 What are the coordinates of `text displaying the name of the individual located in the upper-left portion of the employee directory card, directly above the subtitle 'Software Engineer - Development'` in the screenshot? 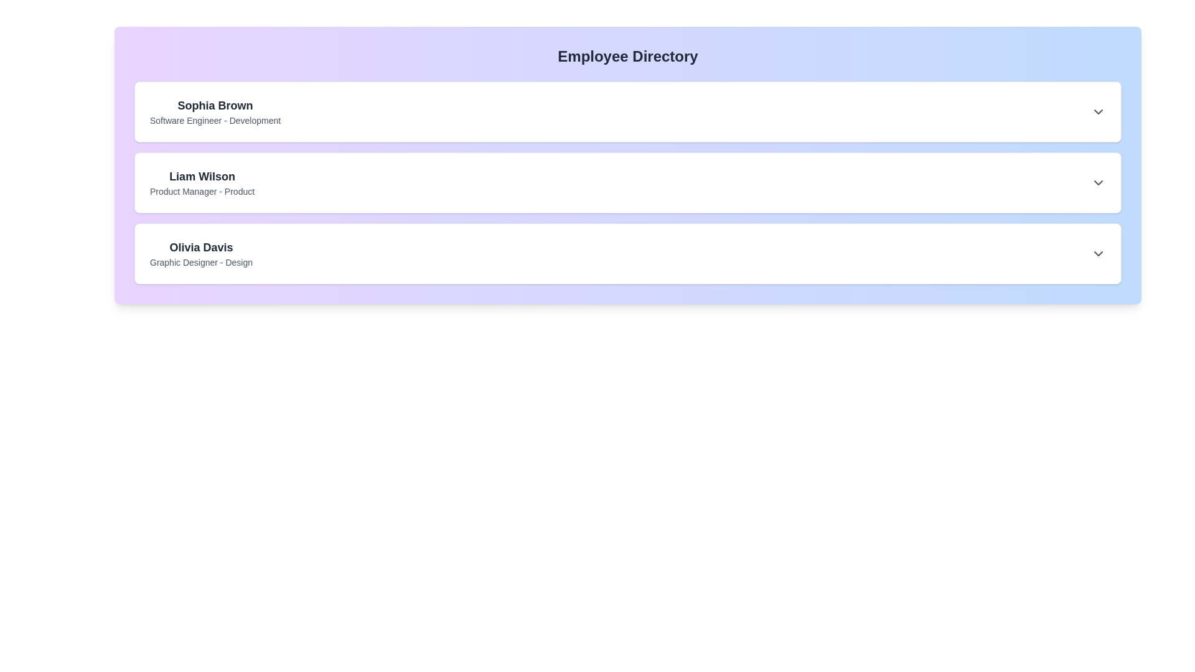 It's located at (215, 105).